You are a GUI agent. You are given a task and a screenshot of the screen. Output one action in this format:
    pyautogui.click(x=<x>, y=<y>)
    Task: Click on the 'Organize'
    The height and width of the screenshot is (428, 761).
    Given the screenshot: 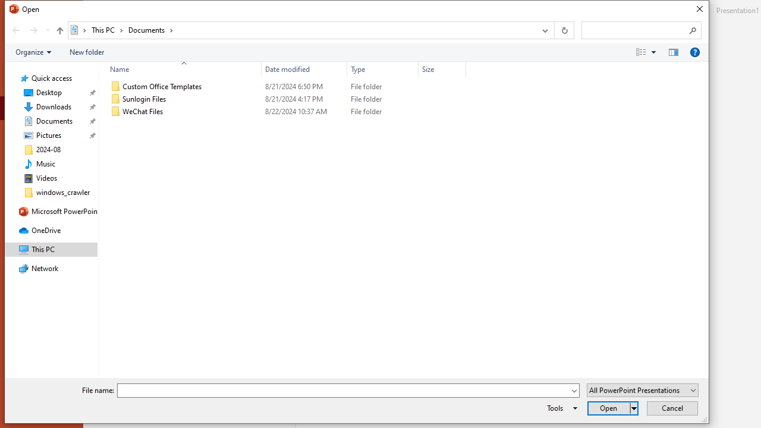 What is the action you would take?
    pyautogui.click(x=33, y=51)
    